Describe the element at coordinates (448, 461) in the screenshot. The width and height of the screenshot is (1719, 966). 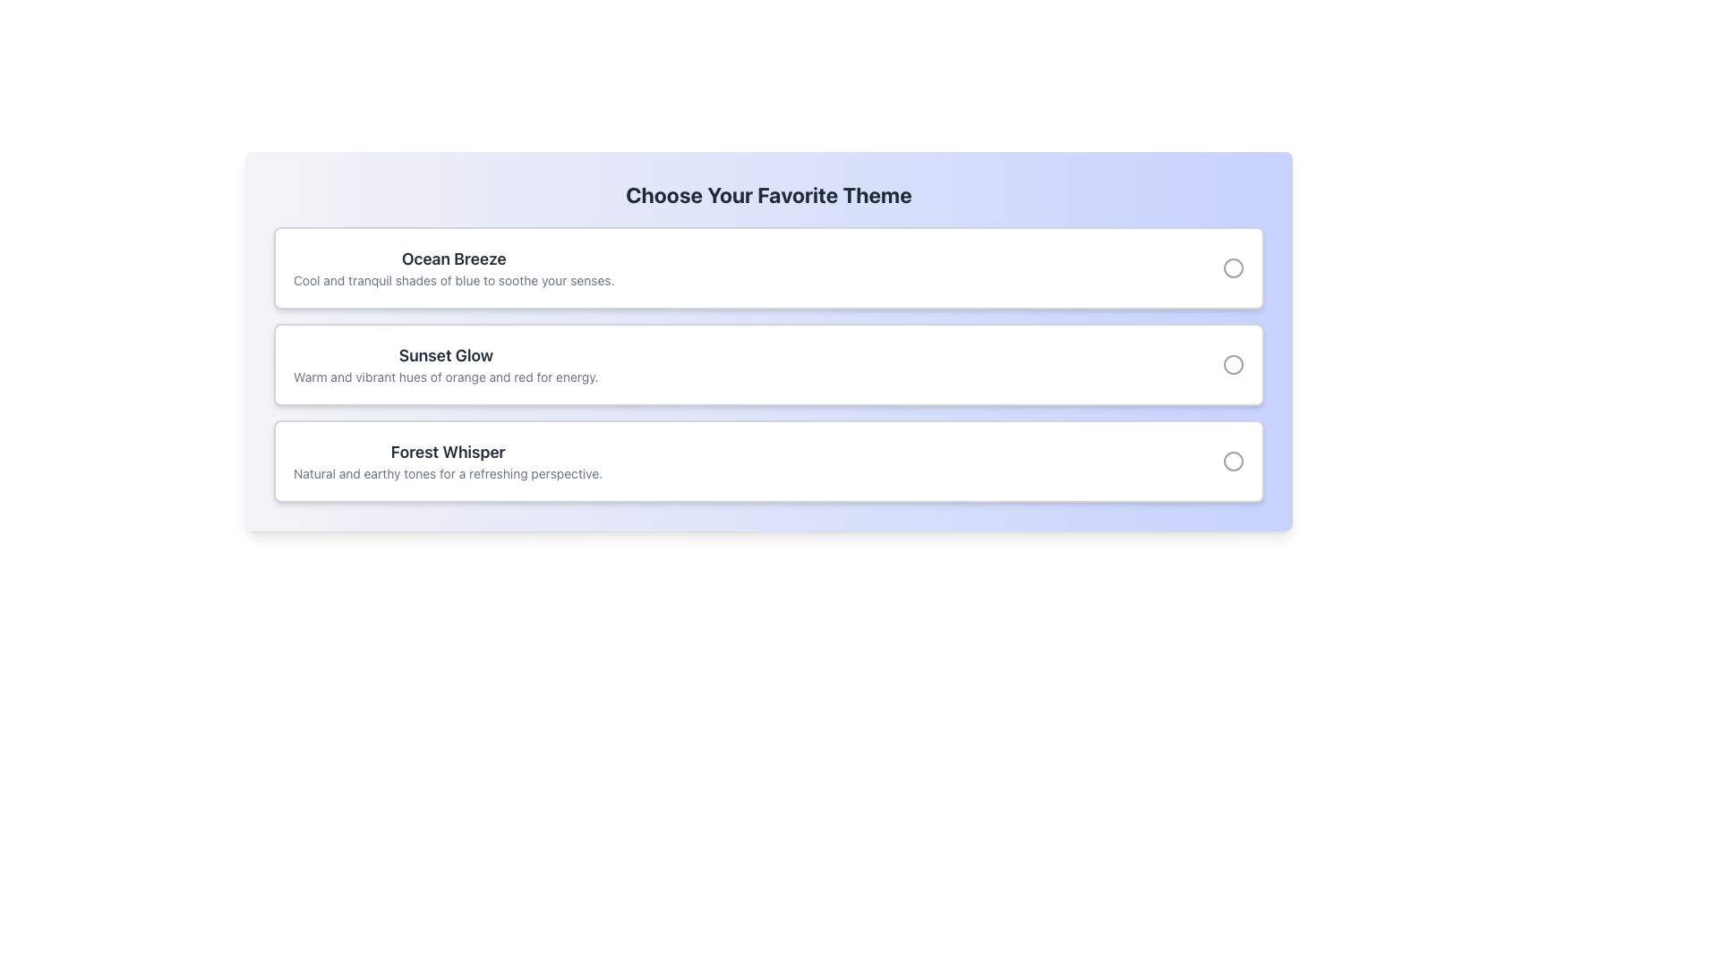
I see `the 'Forest Whisper' label` at that location.